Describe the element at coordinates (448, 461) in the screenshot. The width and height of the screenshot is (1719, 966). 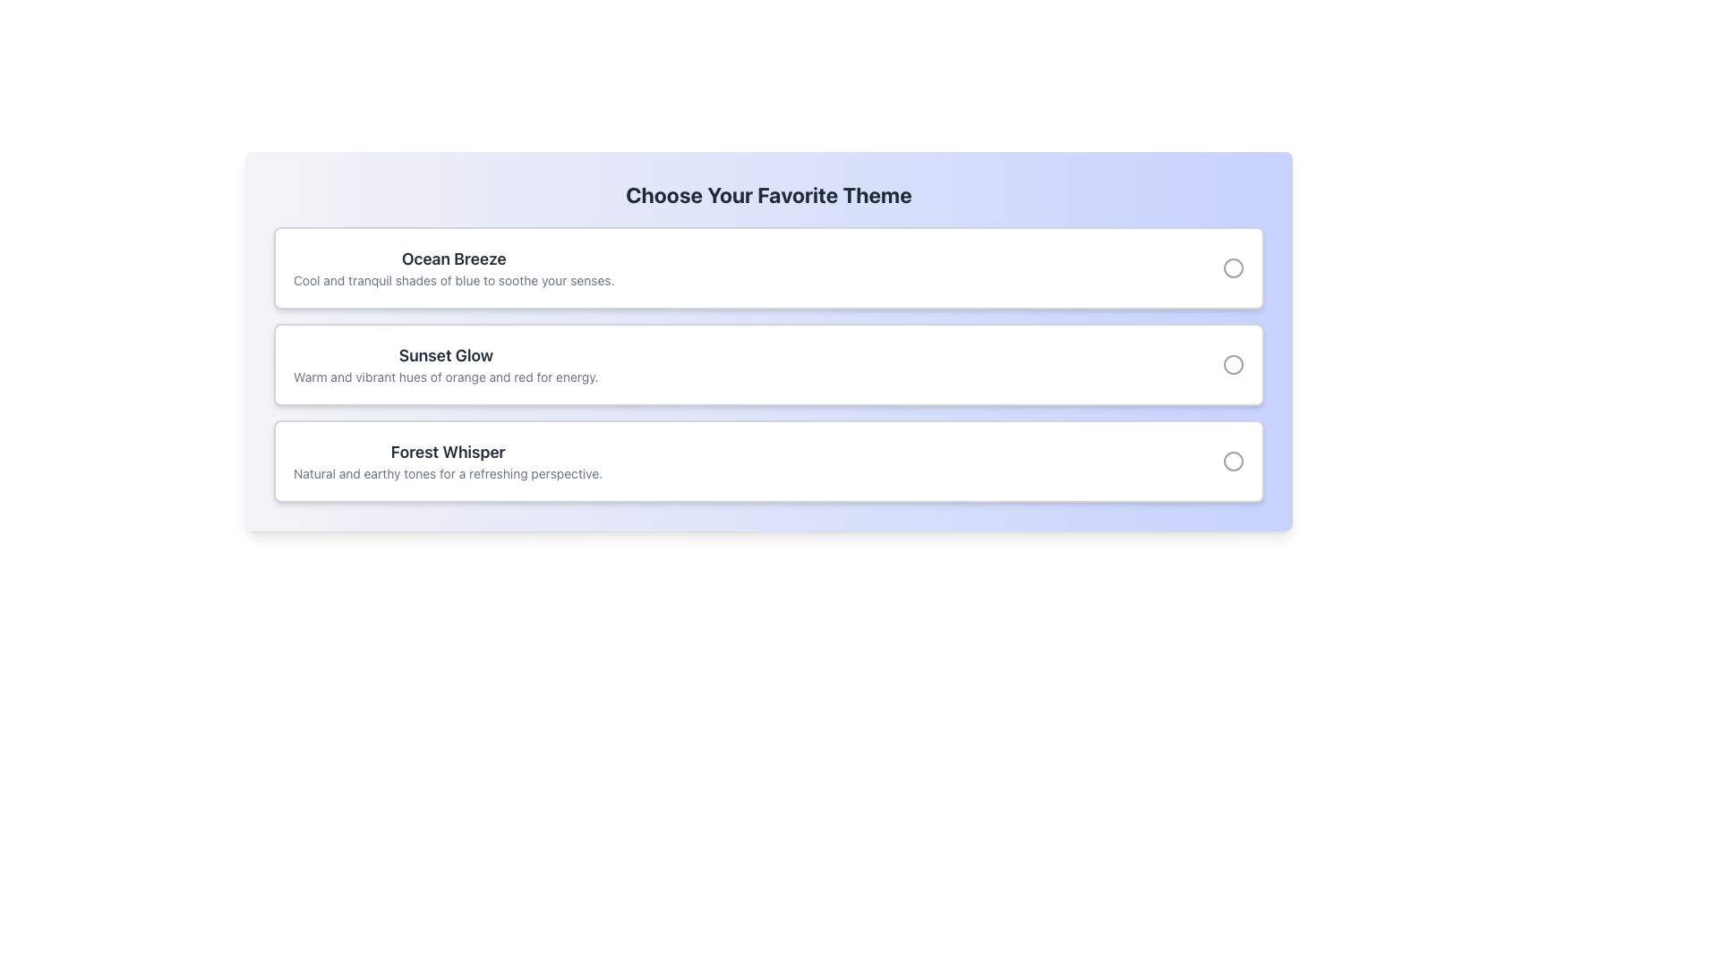
I see `the 'Forest Whisper' label` at that location.